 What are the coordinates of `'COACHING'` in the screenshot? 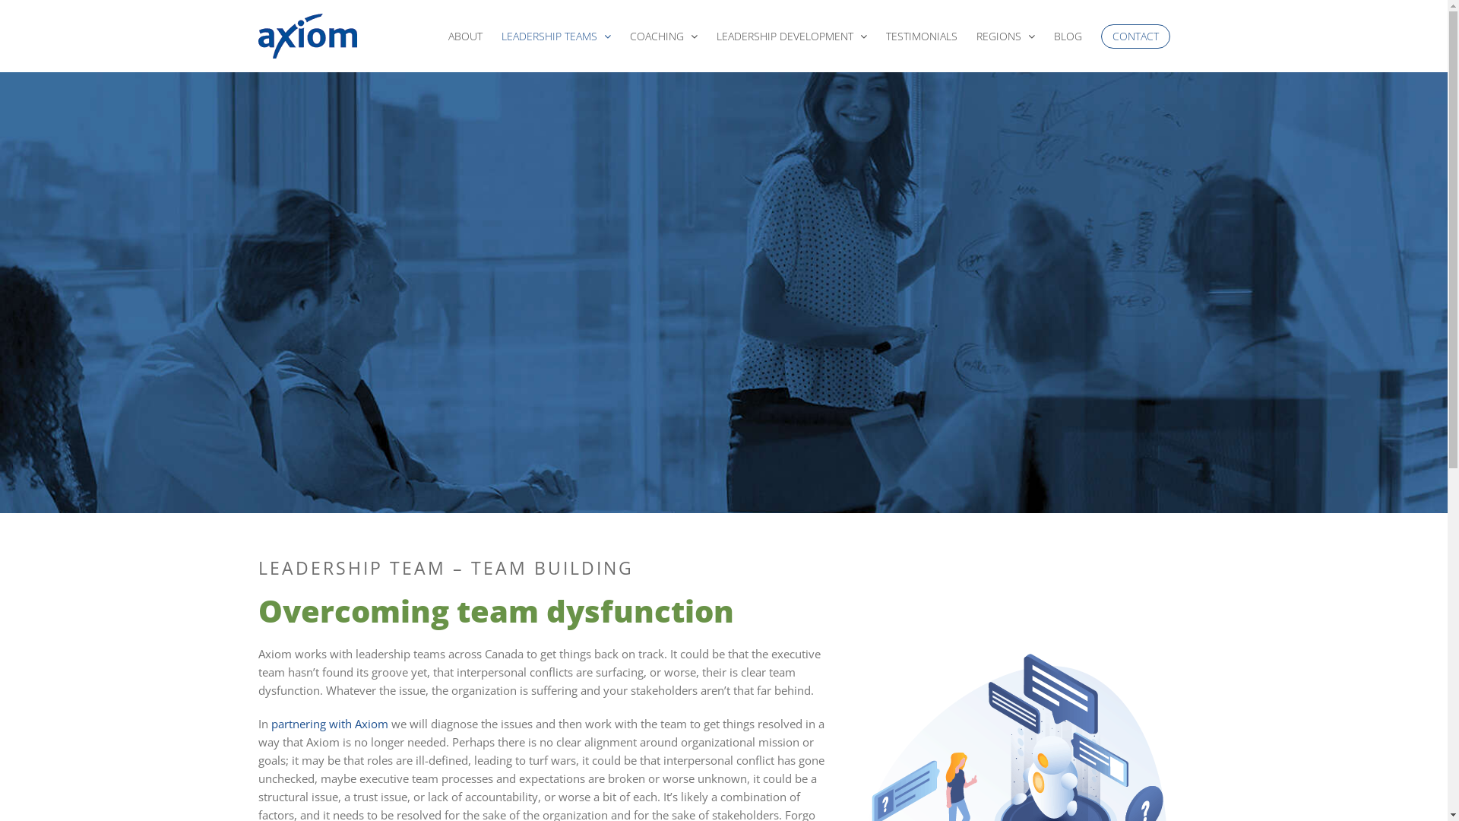 It's located at (630, 35).